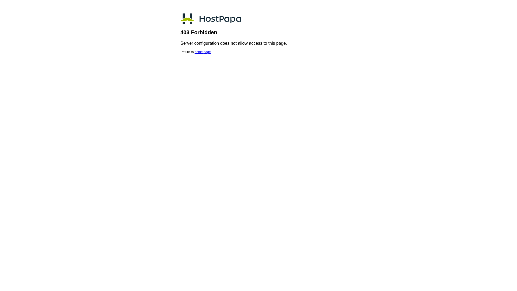  What do you see at coordinates (202, 52) in the screenshot?
I see `'home page'` at bounding box center [202, 52].